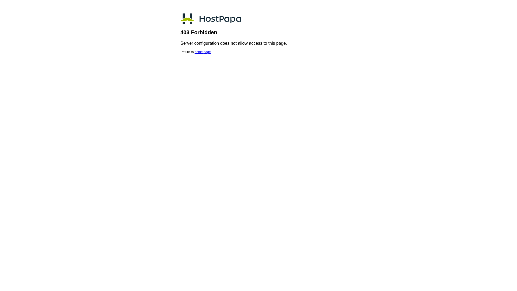  What do you see at coordinates (202, 52) in the screenshot?
I see `'home page'` at bounding box center [202, 52].